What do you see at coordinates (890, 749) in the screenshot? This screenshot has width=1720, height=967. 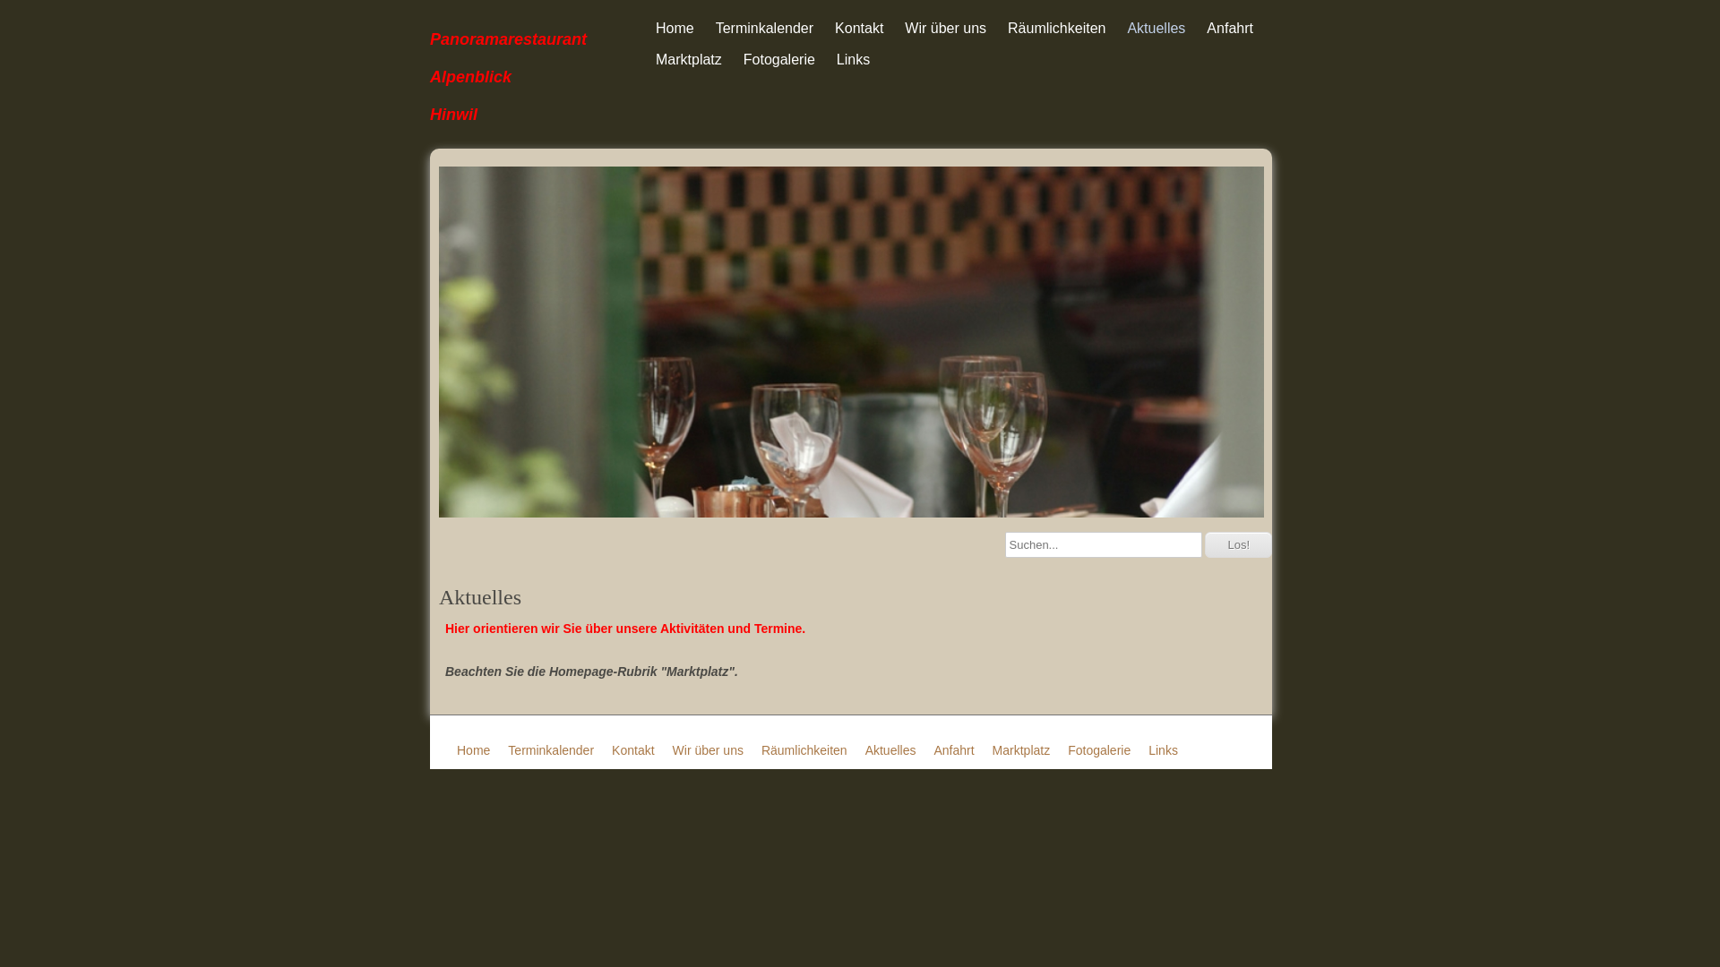 I see `'Aktuelles'` at bounding box center [890, 749].